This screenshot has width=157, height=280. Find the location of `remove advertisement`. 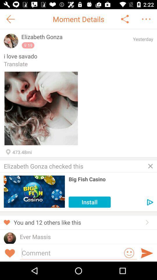

remove advertisement is located at coordinates (150, 166).